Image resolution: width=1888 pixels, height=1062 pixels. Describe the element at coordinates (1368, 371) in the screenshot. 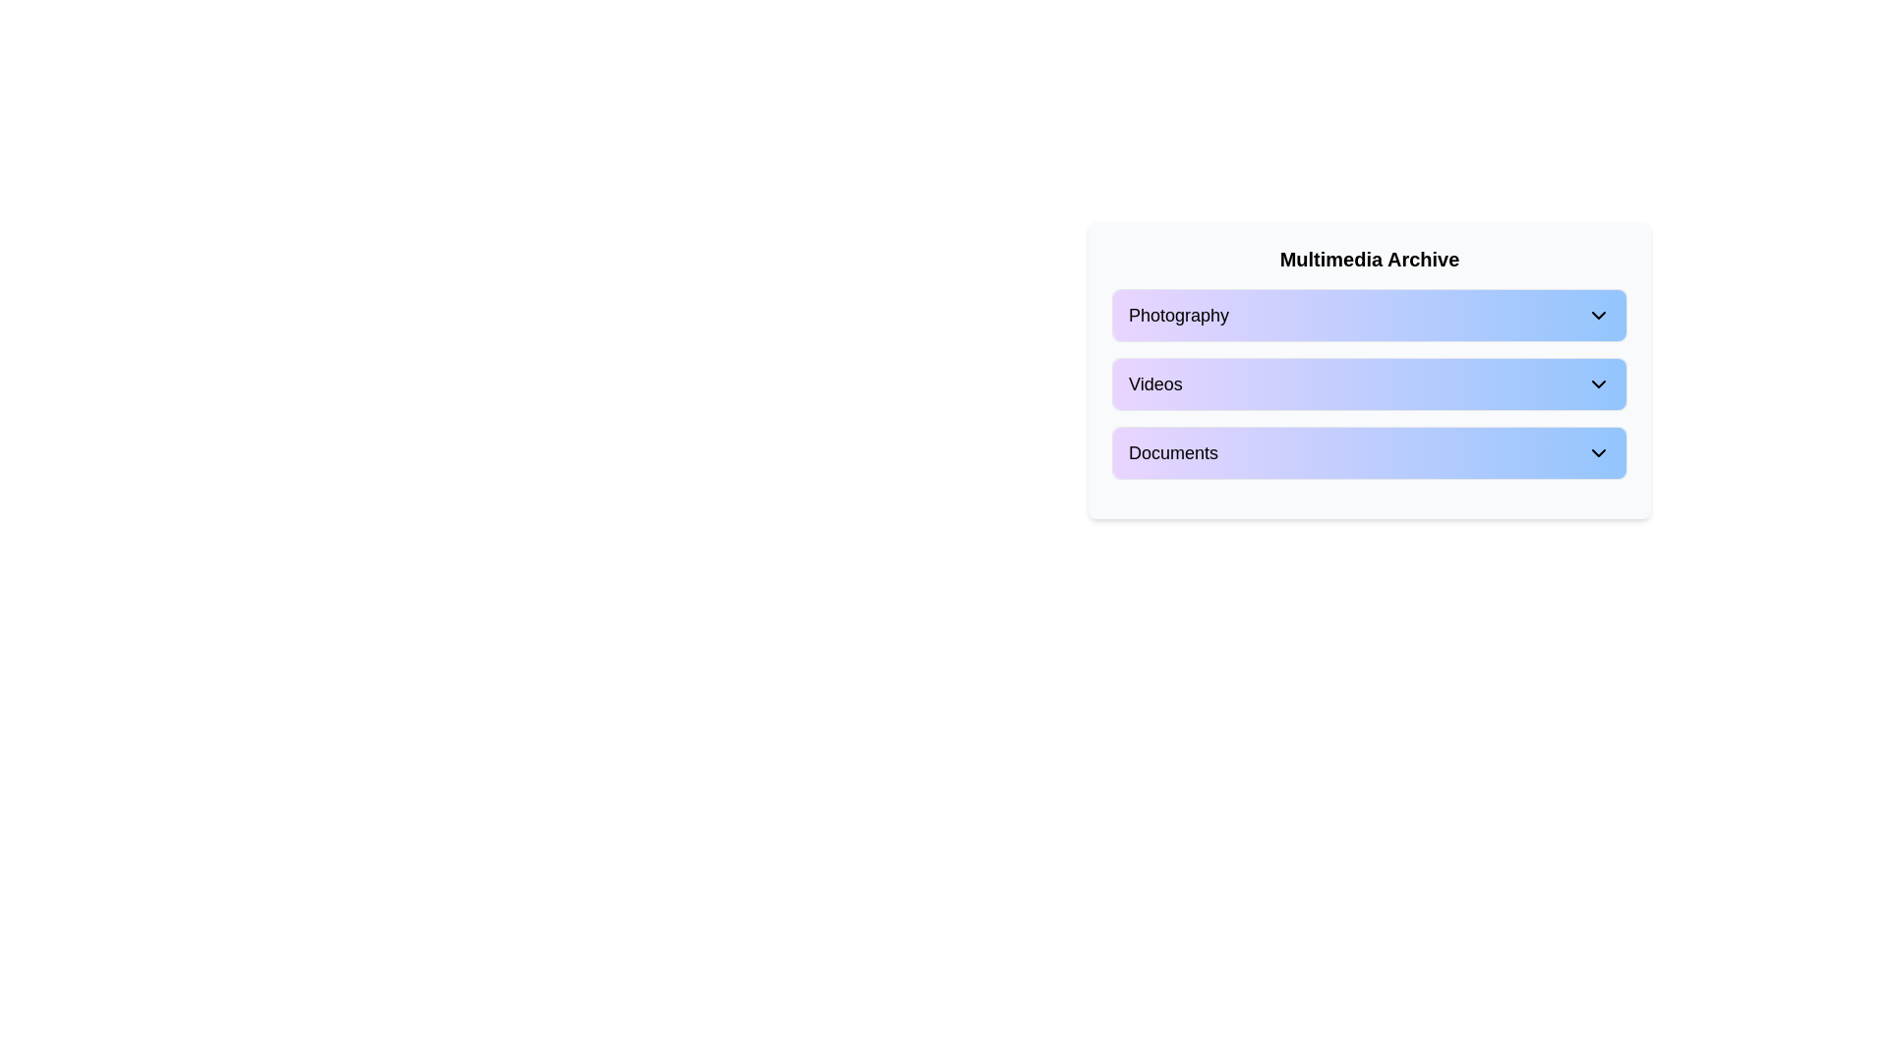

I see `the Interactive Button or Toggle for 'Videos' located in the Multimedia Archive section` at that location.